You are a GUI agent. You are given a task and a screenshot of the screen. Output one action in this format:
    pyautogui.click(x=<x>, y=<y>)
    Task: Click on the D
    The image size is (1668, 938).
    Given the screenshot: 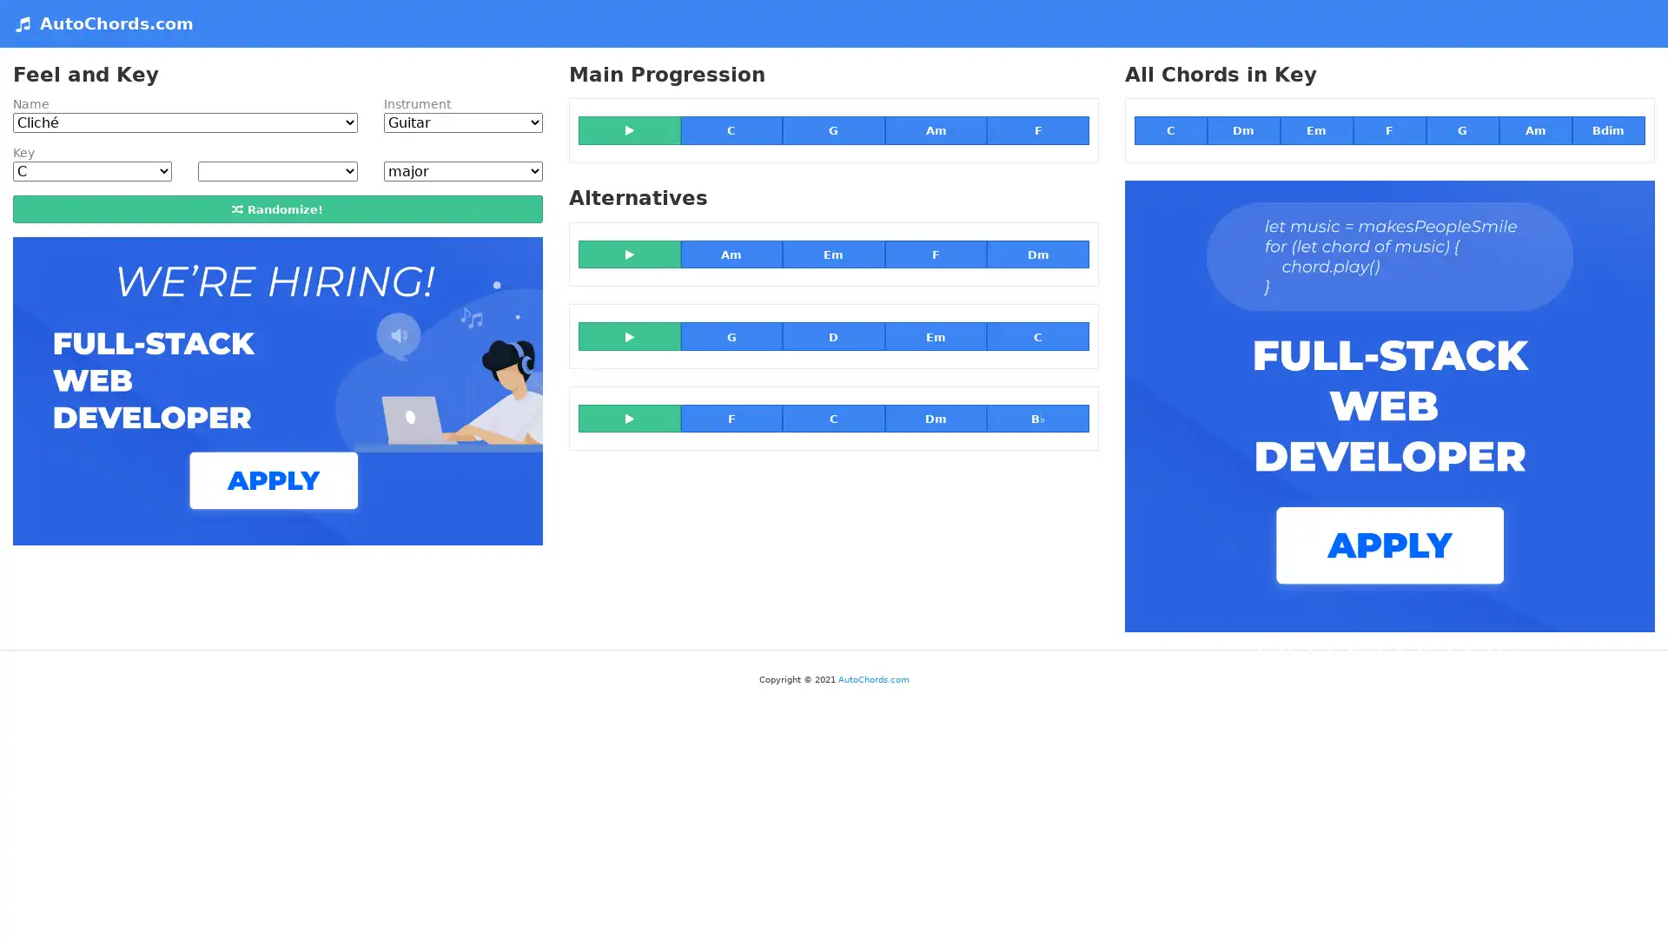 What is the action you would take?
    pyautogui.click(x=832, y=335)
    